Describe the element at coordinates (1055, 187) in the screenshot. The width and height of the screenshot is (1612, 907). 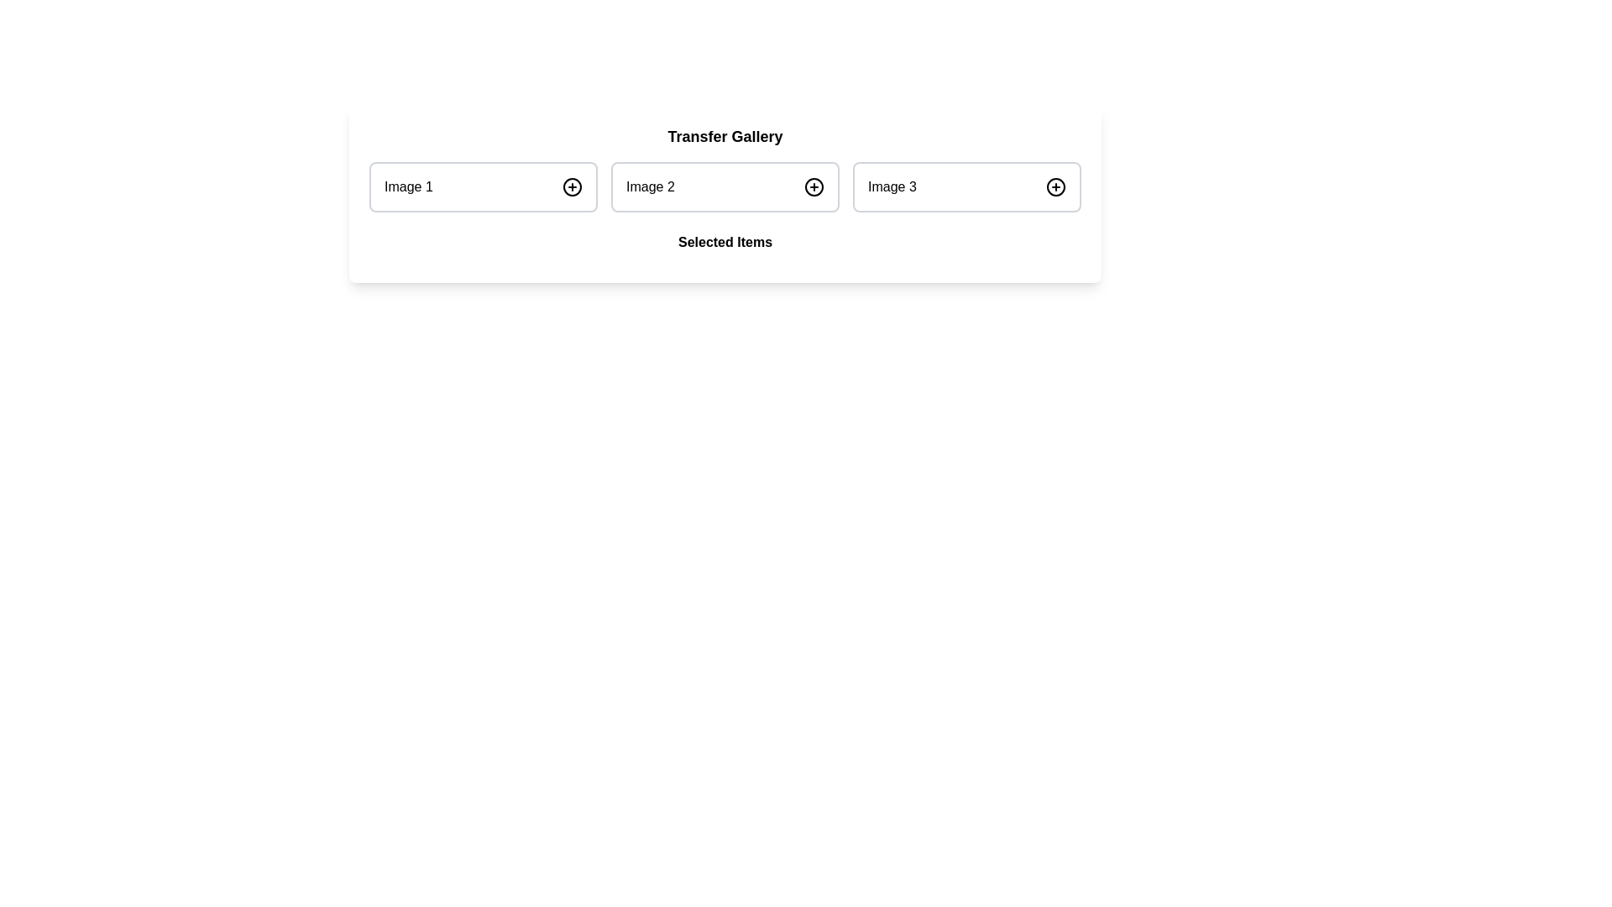
I see `the circular button with a plus symbol located to the right of the 'Image 3' label` at that location.